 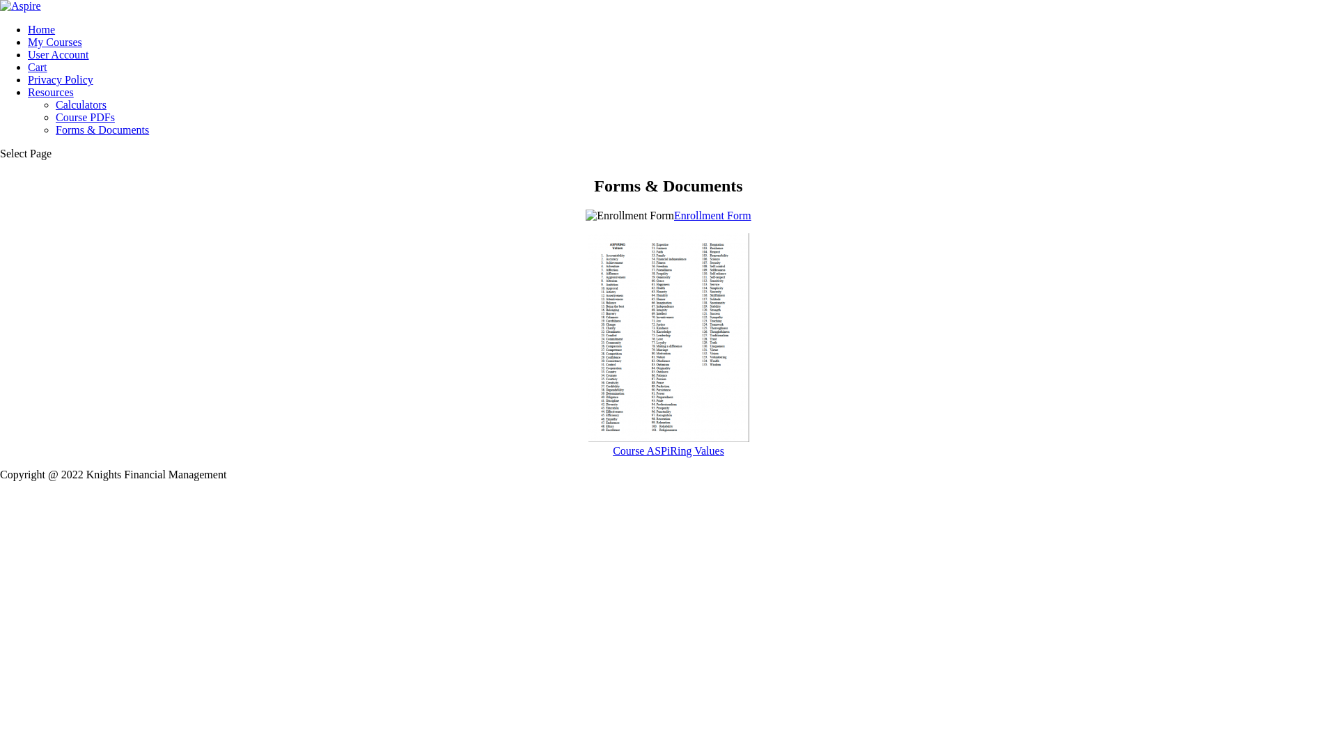 What do you see at coordinates (56, 116) in the screenshot?
I see `'Course PDFs'` at bounding box center [56, 116].